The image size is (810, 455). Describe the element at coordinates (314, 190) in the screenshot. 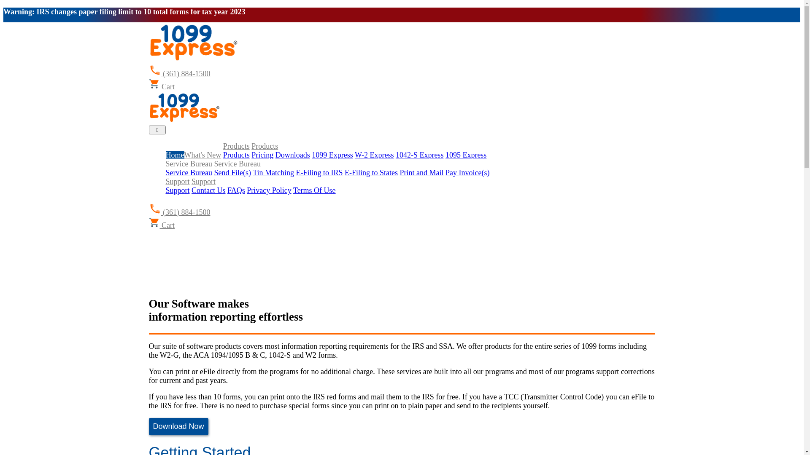

I see `'Terms Of Use'` at that location.